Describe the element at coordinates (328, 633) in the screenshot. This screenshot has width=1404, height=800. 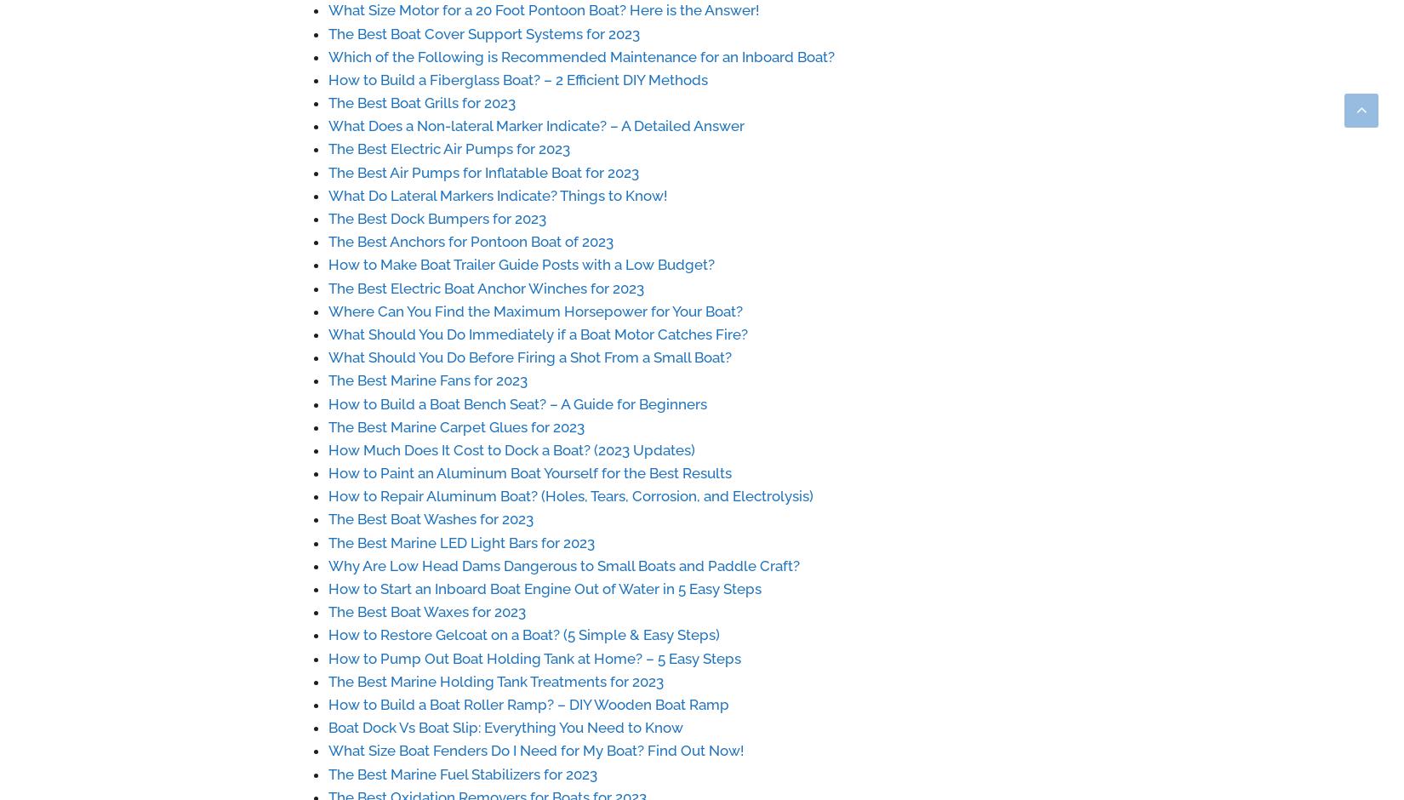
I see `'How to Restore Gelcoat on a Boat? (5 Simple & Easy Steps)'` at that location.